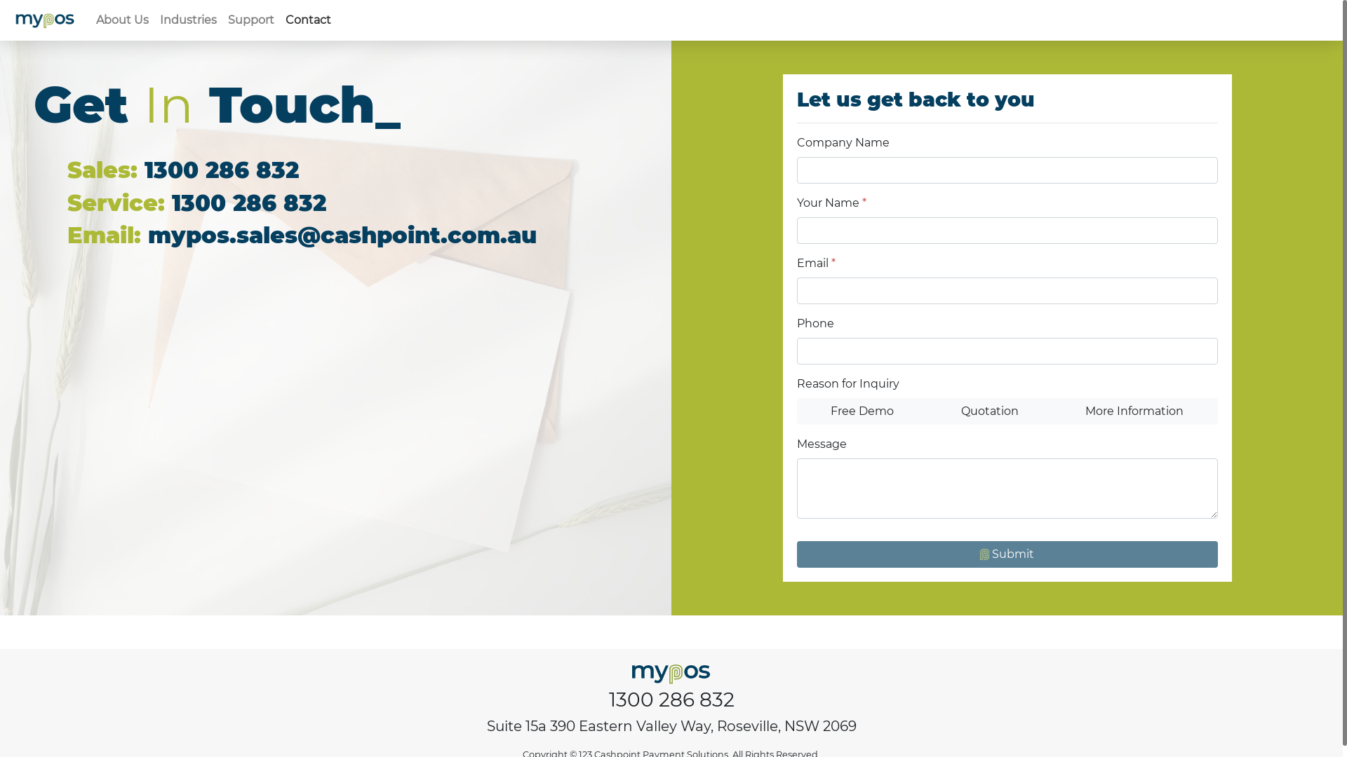 This screenshot has width=1347, height=757. Describe the element at coordinates (251, 20) in the screenshot. I see `'Support'` at that location.